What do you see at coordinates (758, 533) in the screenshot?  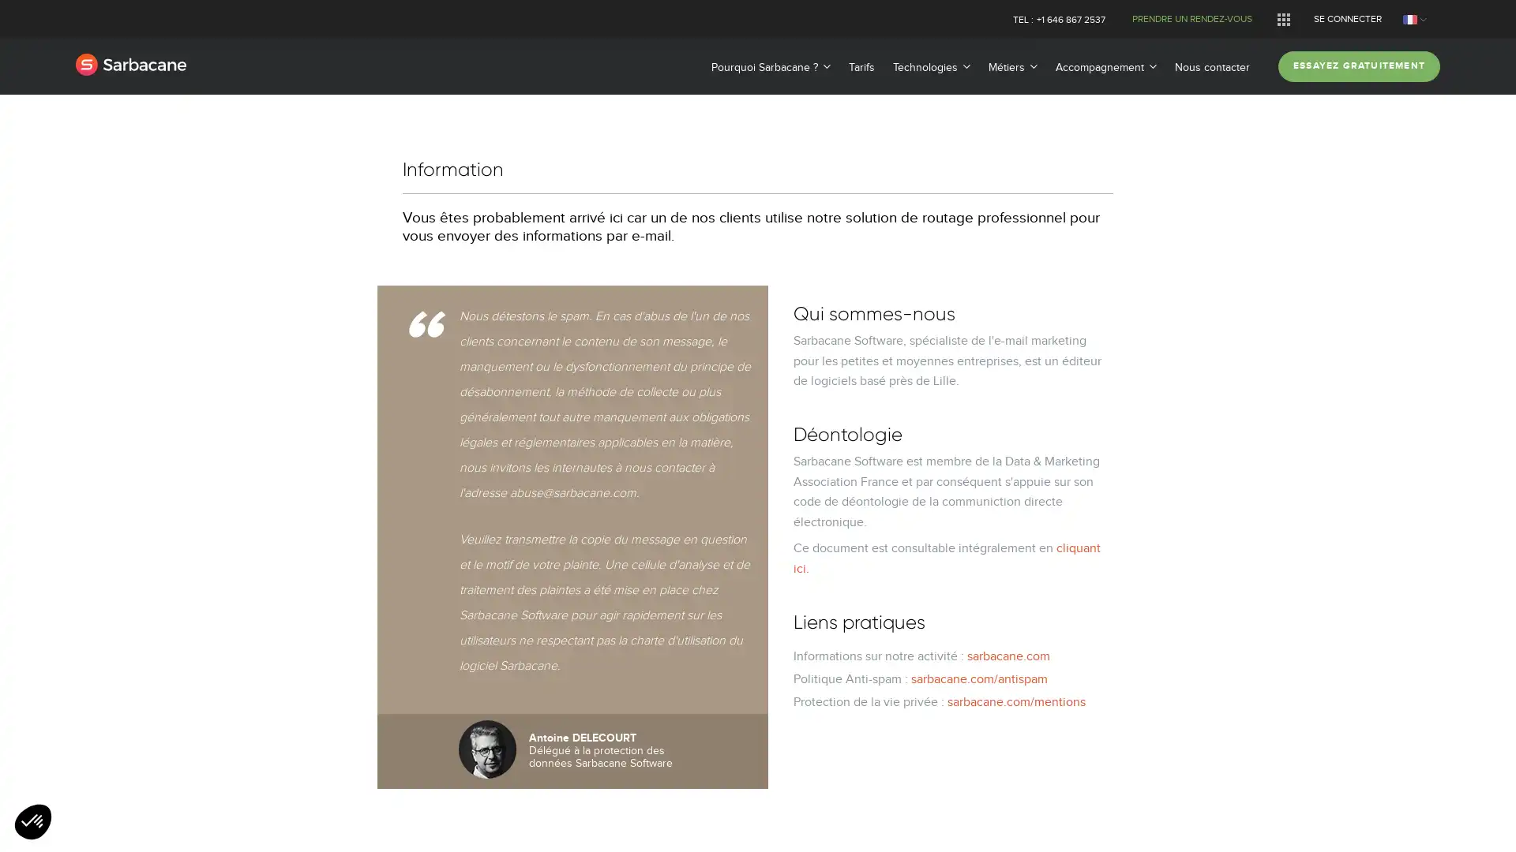 I see `Je choisis` at bounding box center [758, 533].